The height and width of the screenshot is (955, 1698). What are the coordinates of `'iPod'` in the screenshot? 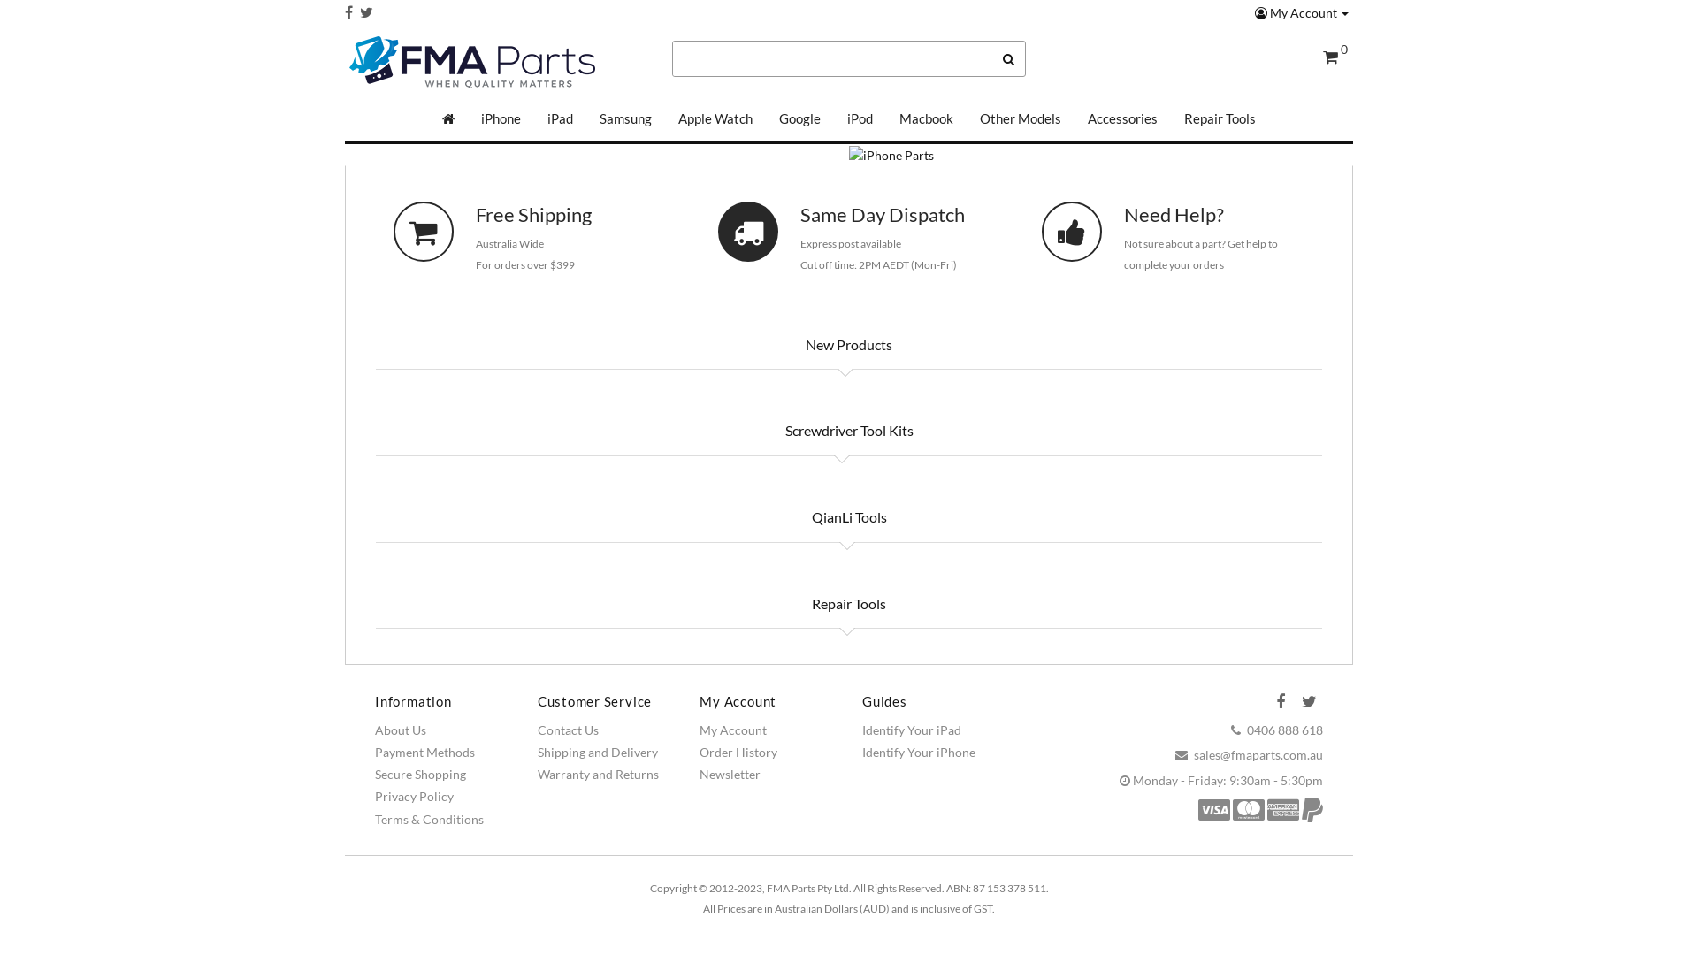 It's located at (860, 118).